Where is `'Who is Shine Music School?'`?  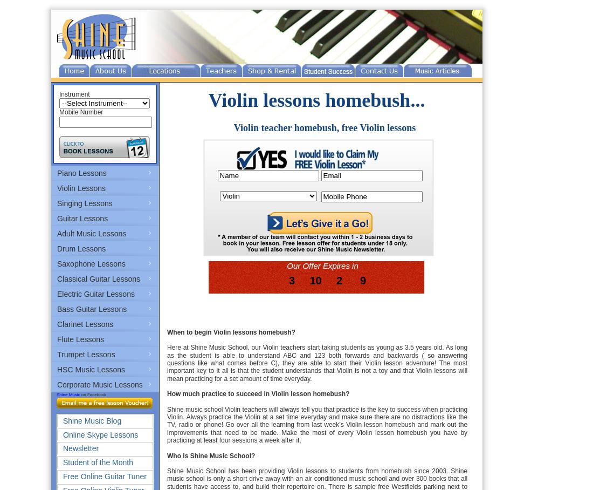
'Who is Shine Music School?' is located at coordinates (211, 454).